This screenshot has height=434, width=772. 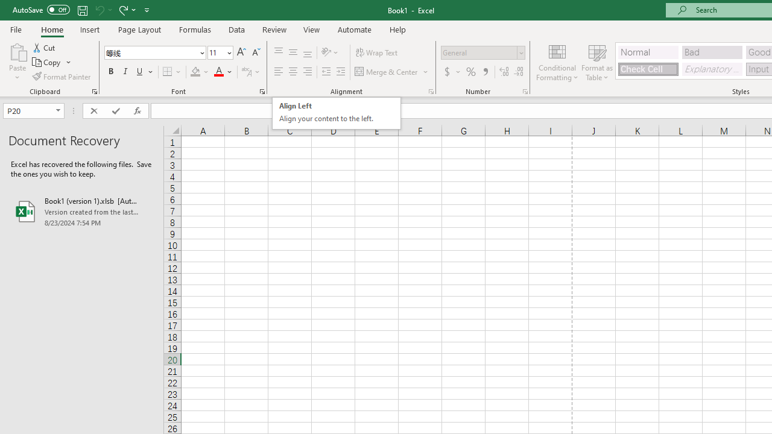 What do you see at coordinates (241, 52) in the screenshot?
I see `'Increase Font Size'` at bounding box center [241, 52].